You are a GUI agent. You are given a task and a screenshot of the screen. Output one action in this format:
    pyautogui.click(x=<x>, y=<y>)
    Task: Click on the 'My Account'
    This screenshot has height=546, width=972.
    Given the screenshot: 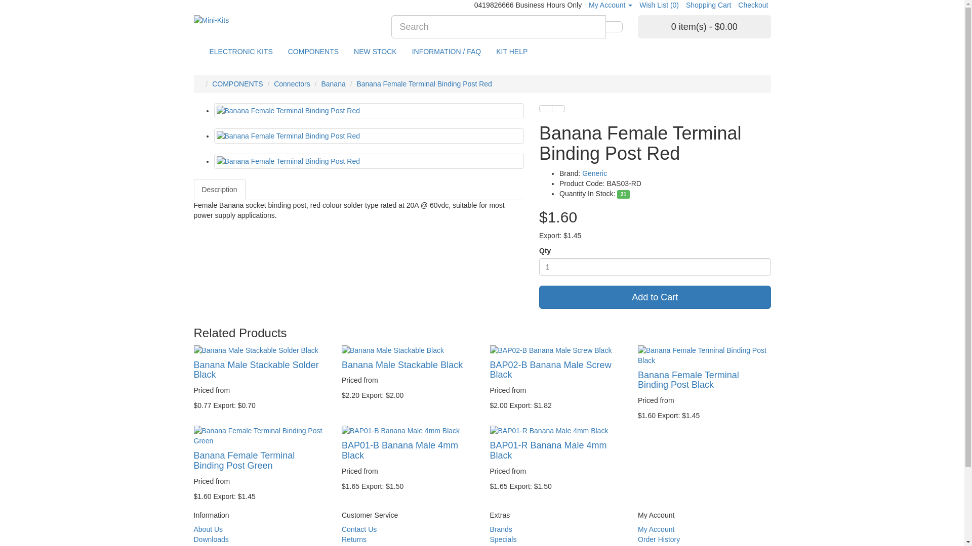 What is the action you would take?
    pyautogui.click(x=610, y=5)
    